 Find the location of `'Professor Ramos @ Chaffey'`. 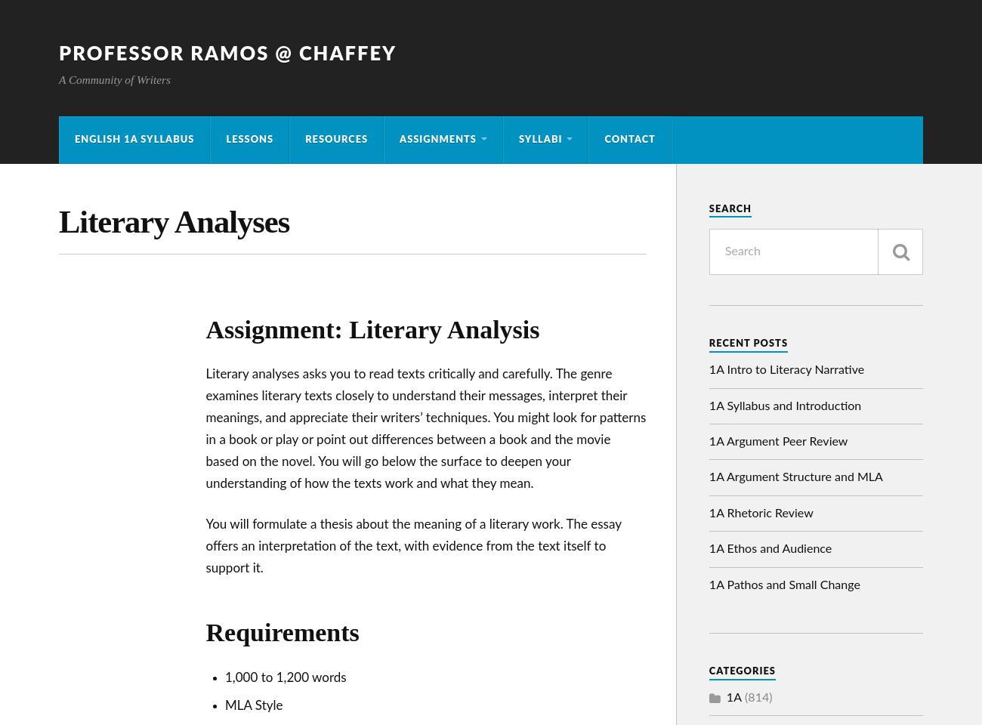

'Professor Ramos @ Chaffey' is located at coordinates (227, 54).